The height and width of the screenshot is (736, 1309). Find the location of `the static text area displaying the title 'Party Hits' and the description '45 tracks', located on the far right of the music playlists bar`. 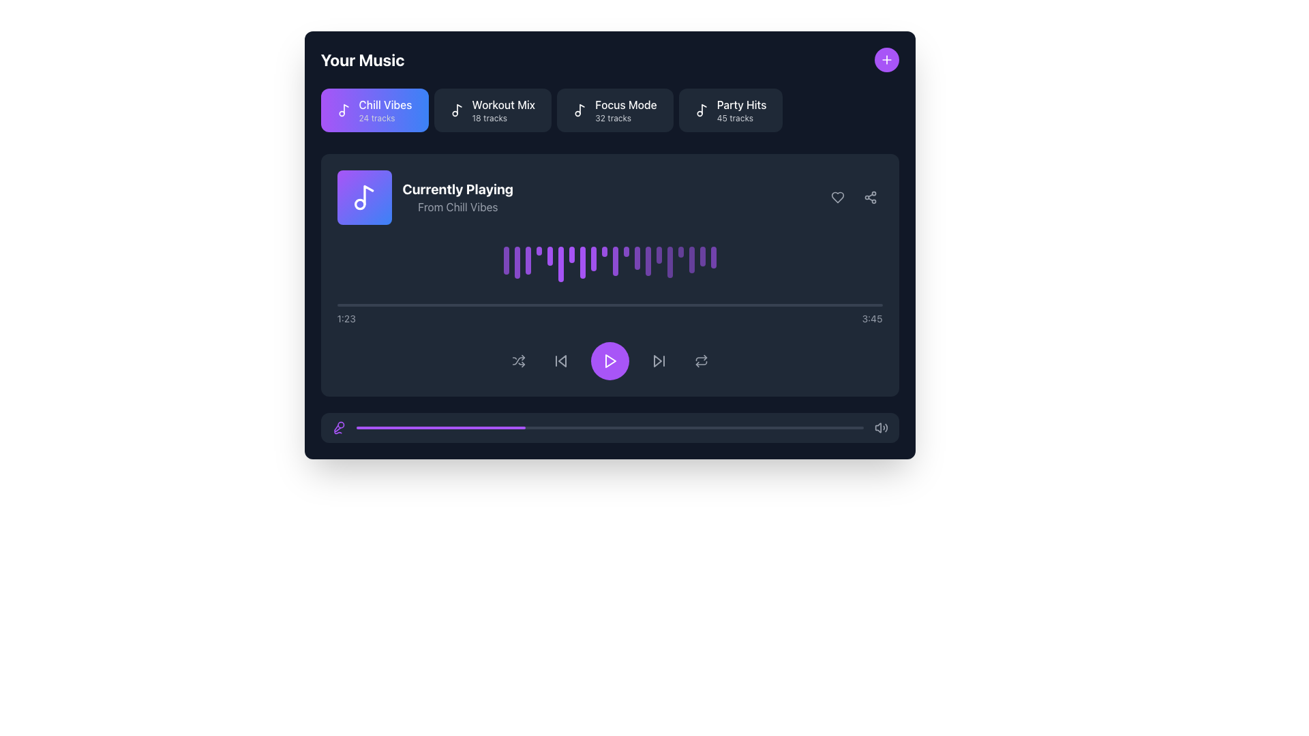

the static text area displaying the title 'Party Hits' and the description '45 tracks', located on the far right of the music playlists bar is located at coordinates (741, 110).